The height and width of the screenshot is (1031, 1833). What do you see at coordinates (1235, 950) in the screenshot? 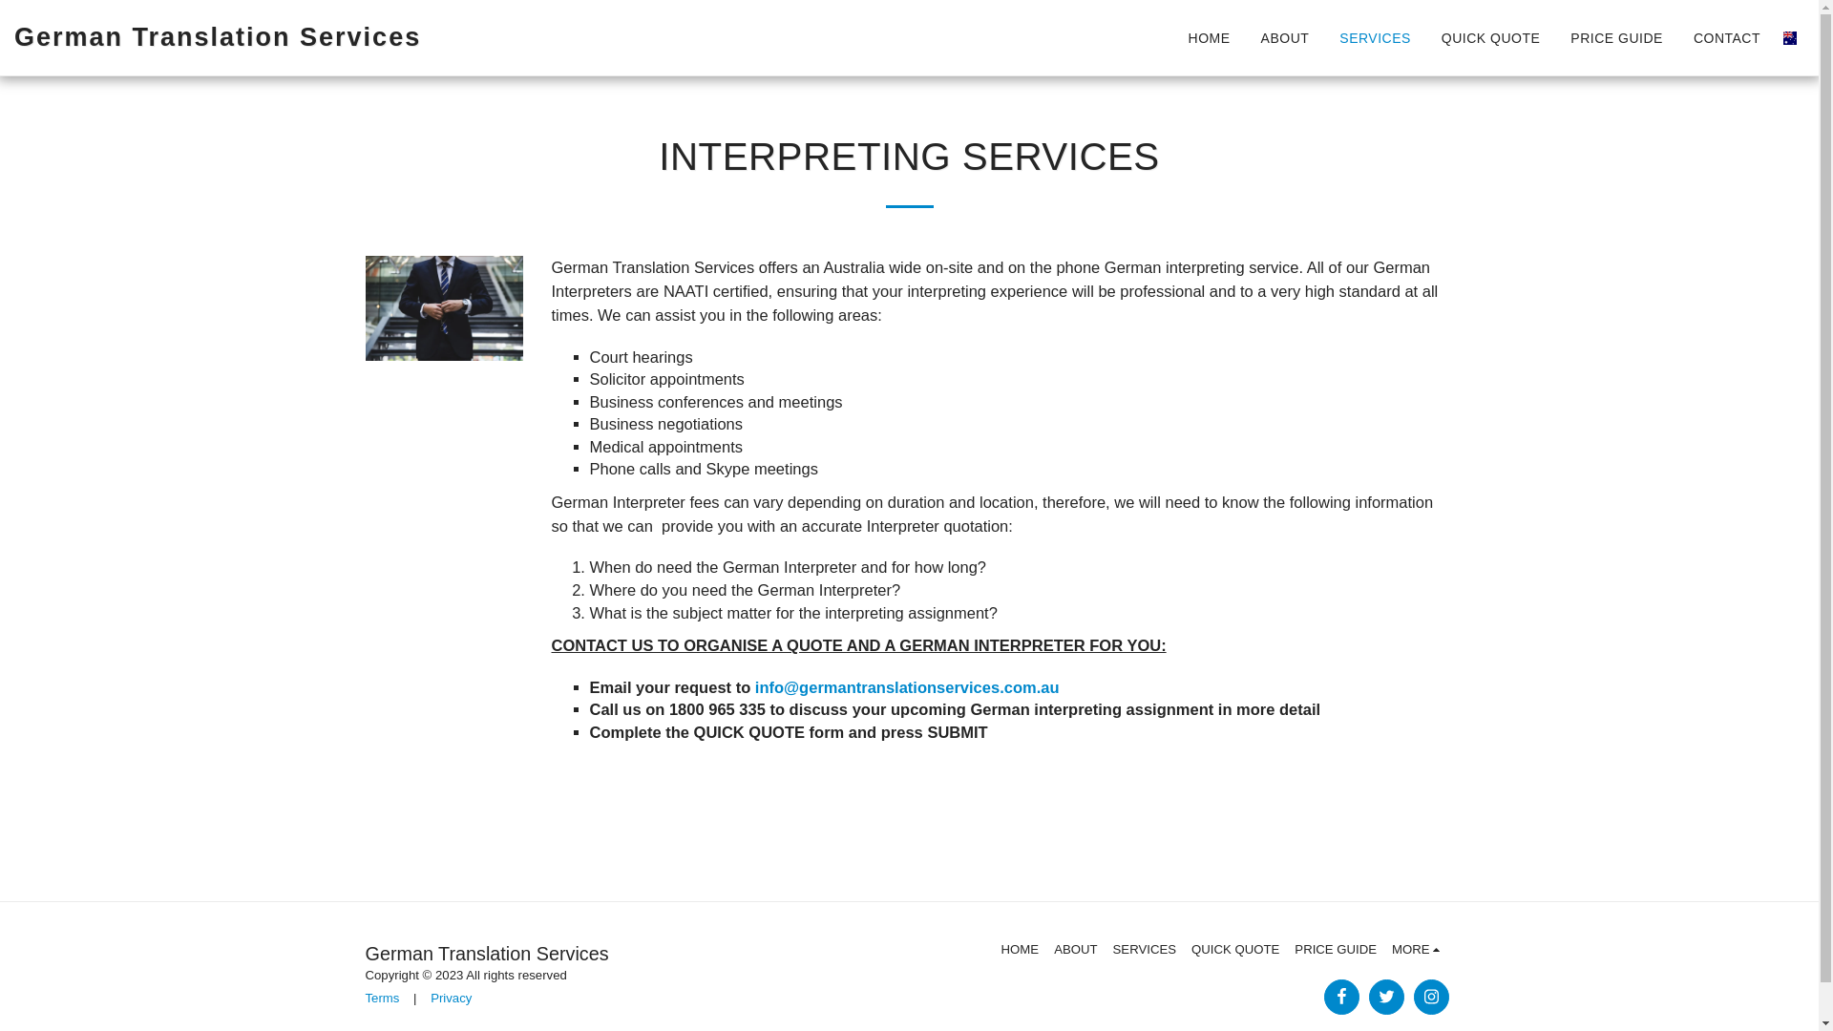
I see `'QUICK QUOTE'` at bounding box center [1235, 950].